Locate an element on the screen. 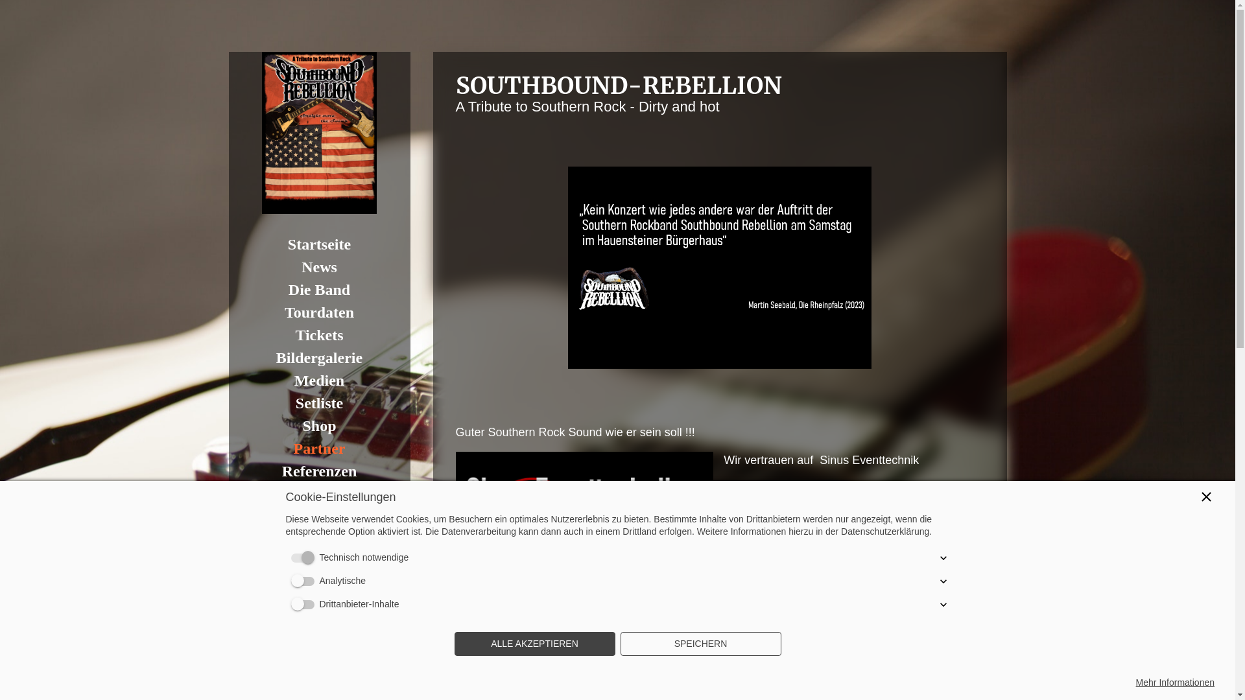  'Impressum' is located at coordinates (318, 539).